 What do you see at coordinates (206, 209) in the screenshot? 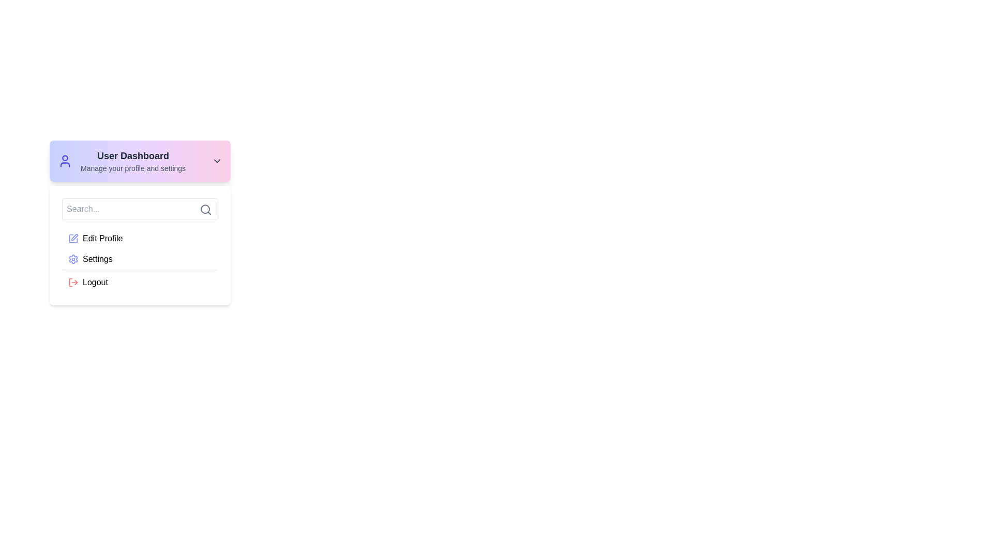
I see `the search functionality icon located at the top-right corner of the search bar, which is below the 'User Dashboard' heading, to observe potential visual feedback` at bounding box center [206, 209].